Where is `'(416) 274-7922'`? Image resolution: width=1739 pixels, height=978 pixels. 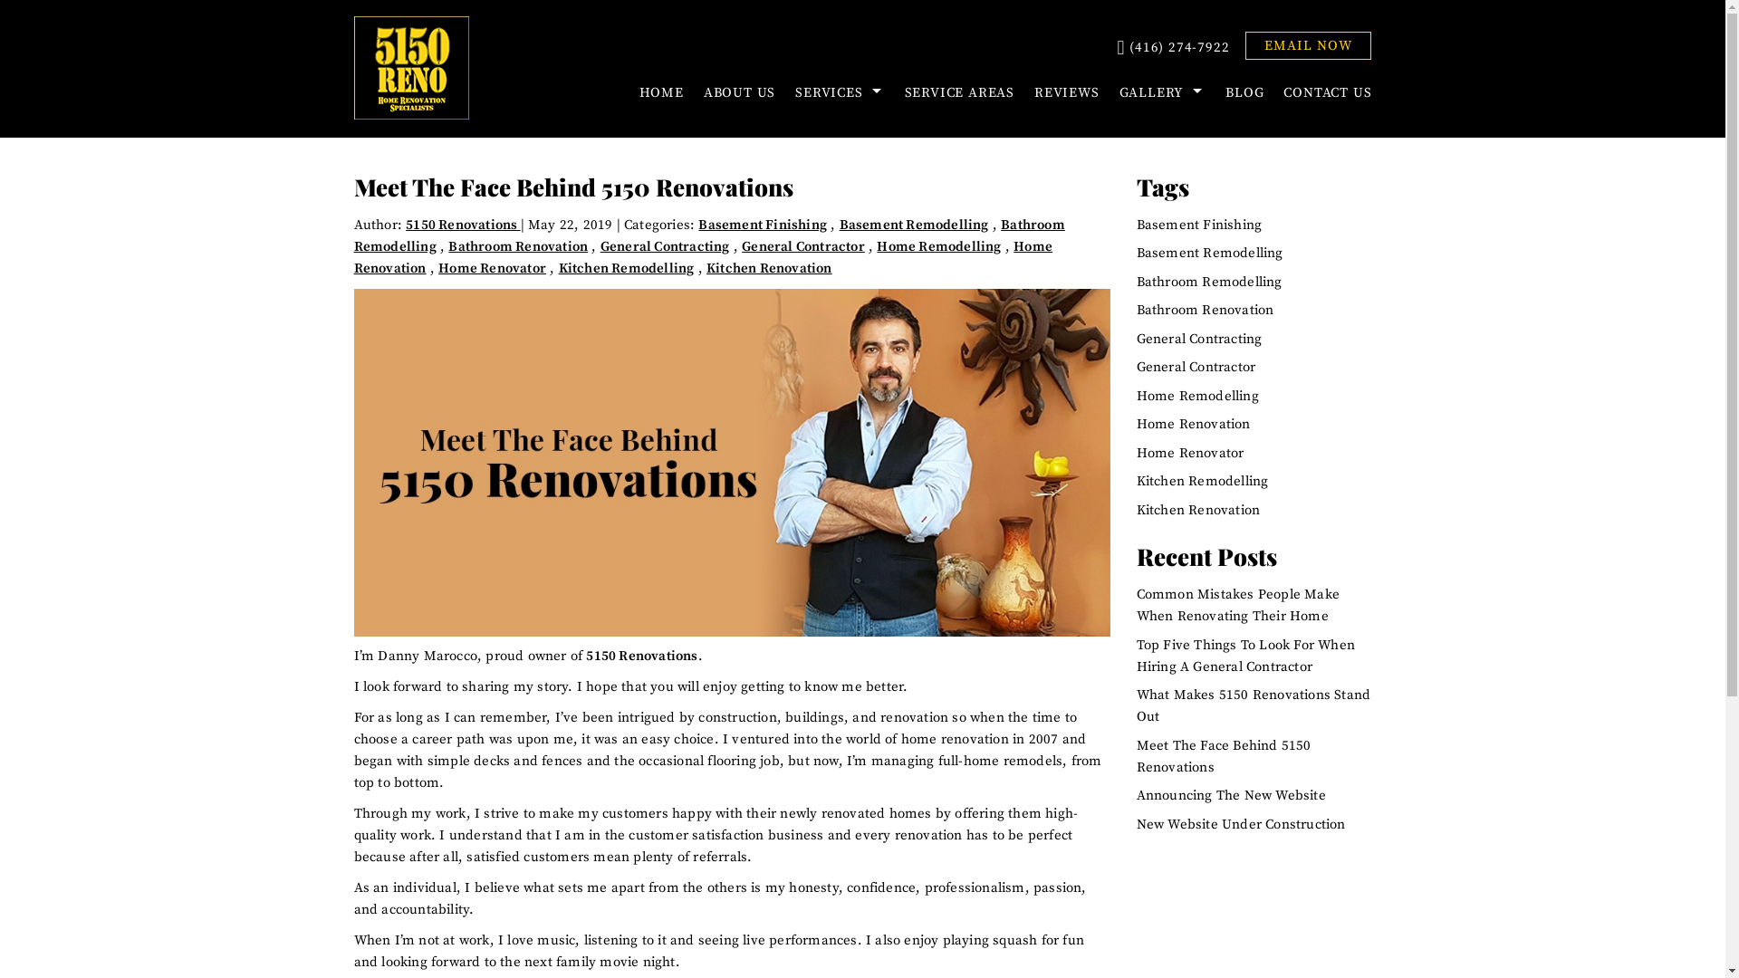
'(416) 274-7922' is located at coordinates (1173, 47).